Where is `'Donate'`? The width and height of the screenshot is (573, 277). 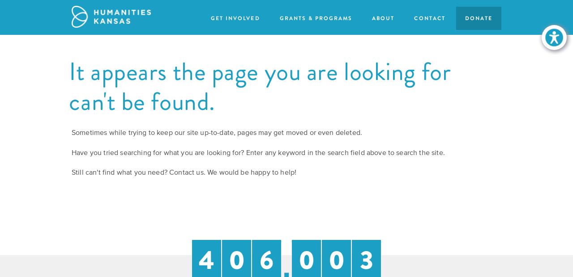 'Donate' is located at coordinates (478, 17).